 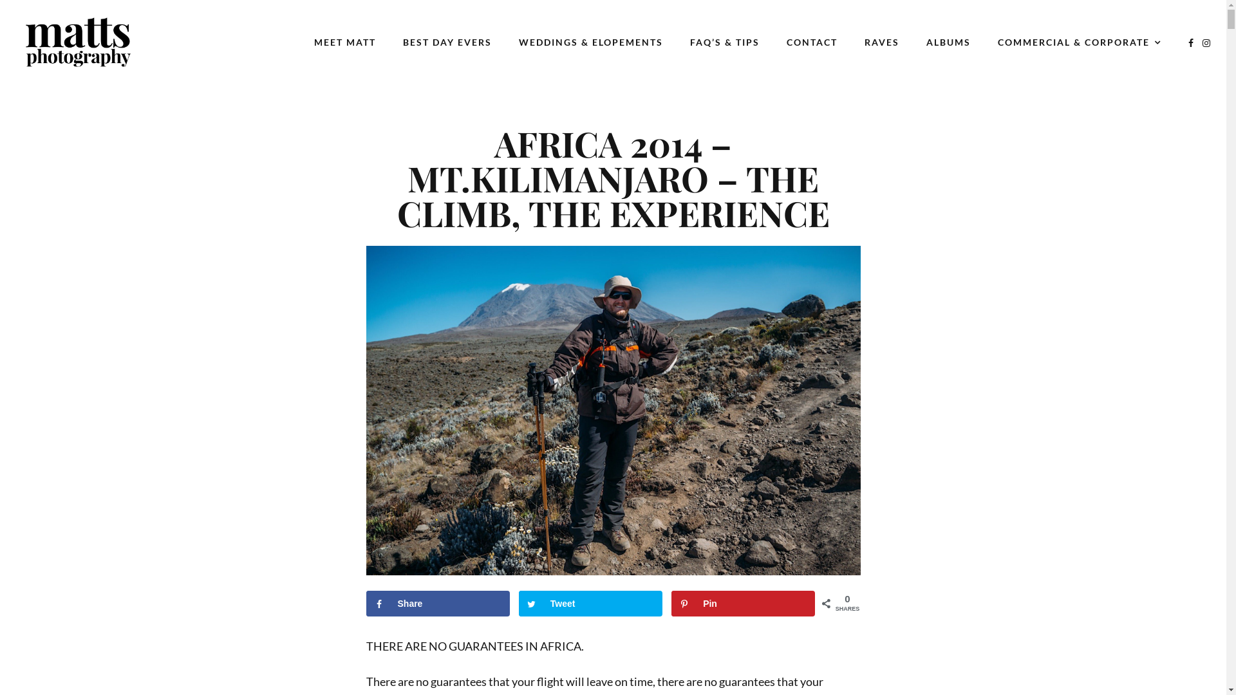 What do you see at coordinates (670, 603) in the screenshot?
I see `'Pin'` at bounding box center [670, 603].